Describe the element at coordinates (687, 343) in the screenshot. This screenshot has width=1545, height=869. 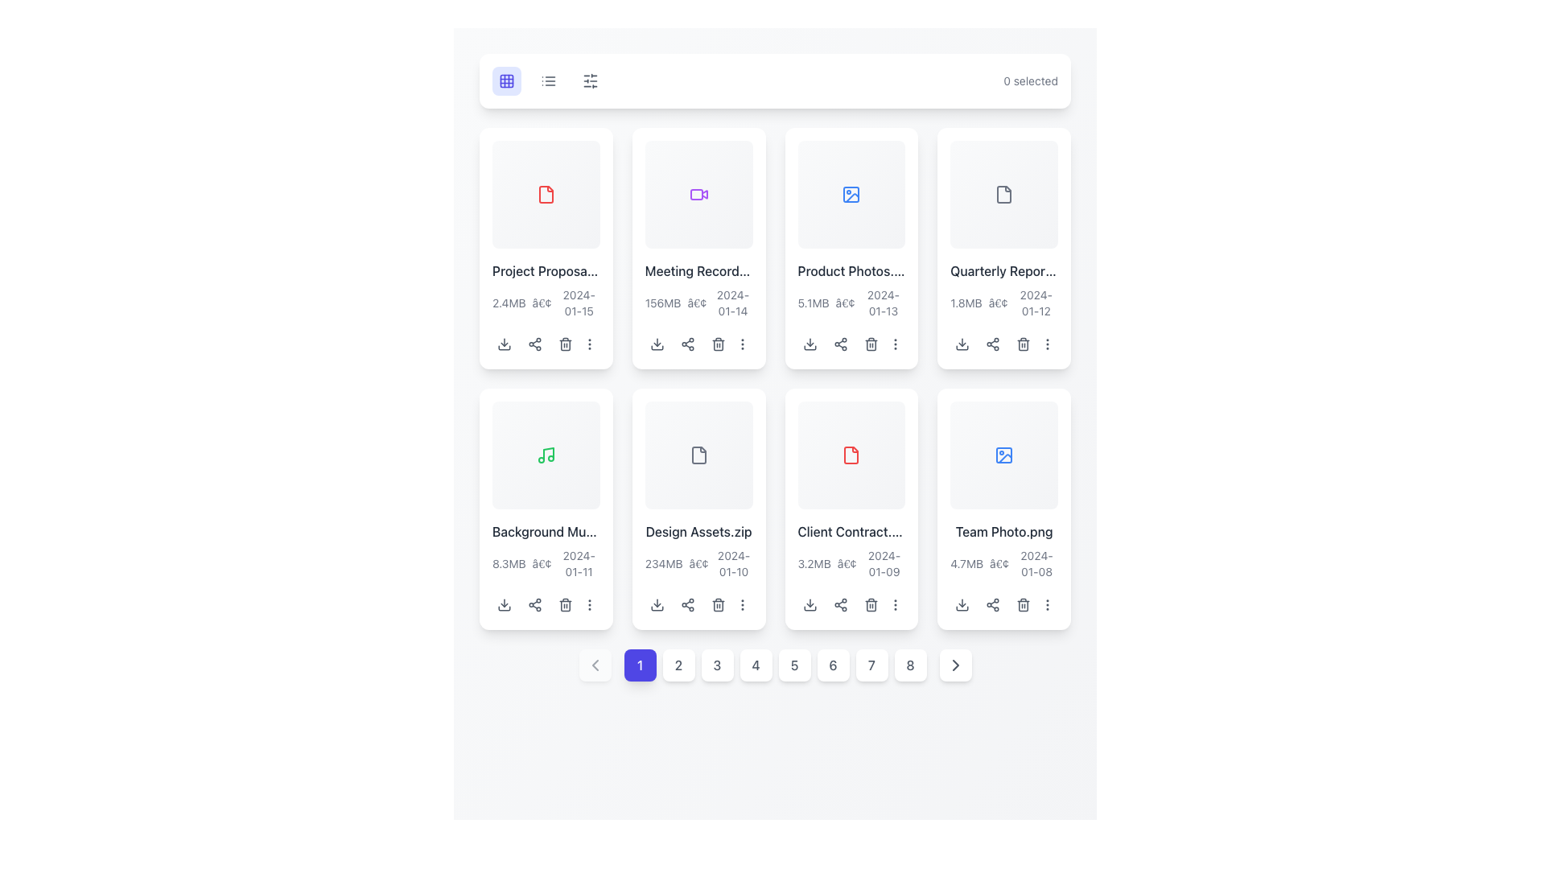
I see `the share icon button located on the second card in the first row of the file grid` at that location.